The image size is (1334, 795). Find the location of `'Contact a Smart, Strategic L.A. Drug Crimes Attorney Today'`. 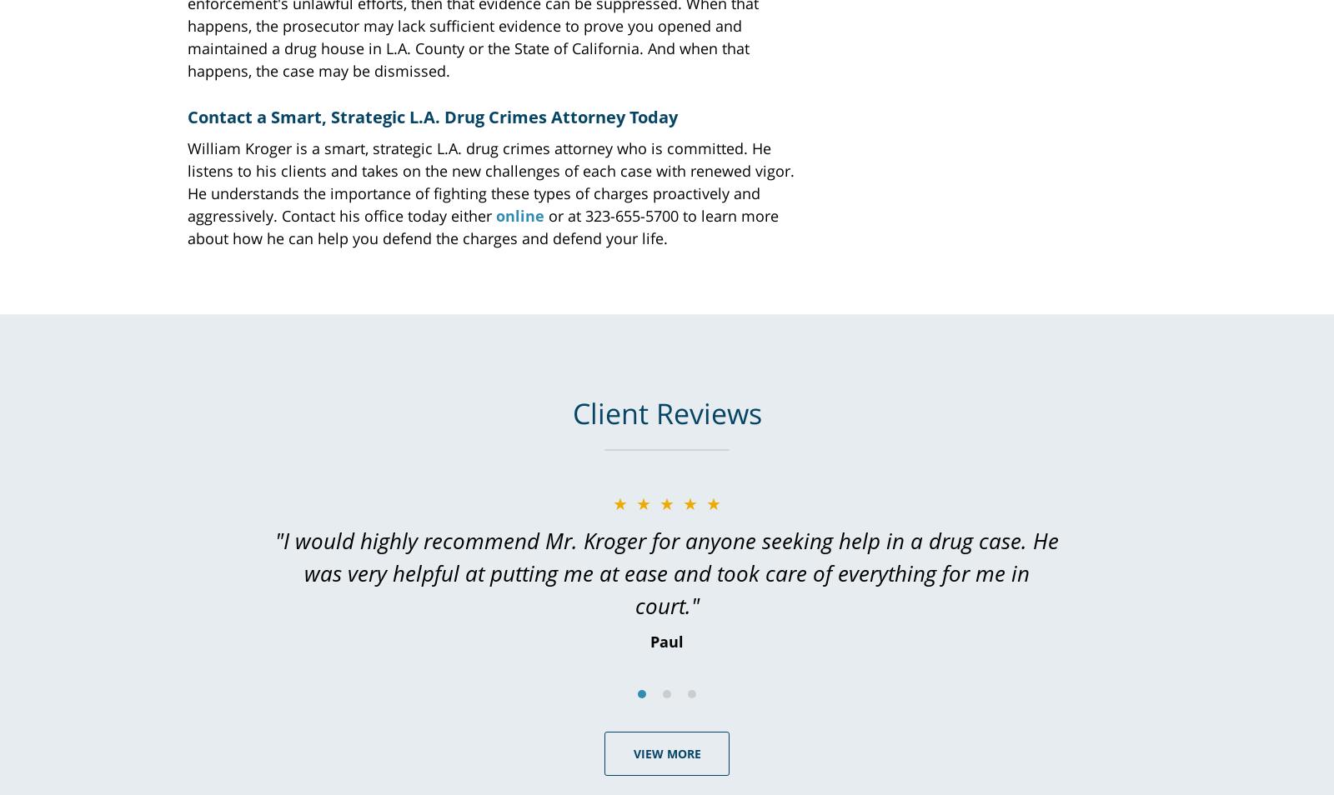

'Contact a Smart, Strategic L.A. Drug Crimes Attorney Today' is located at coordinates (432, 115).